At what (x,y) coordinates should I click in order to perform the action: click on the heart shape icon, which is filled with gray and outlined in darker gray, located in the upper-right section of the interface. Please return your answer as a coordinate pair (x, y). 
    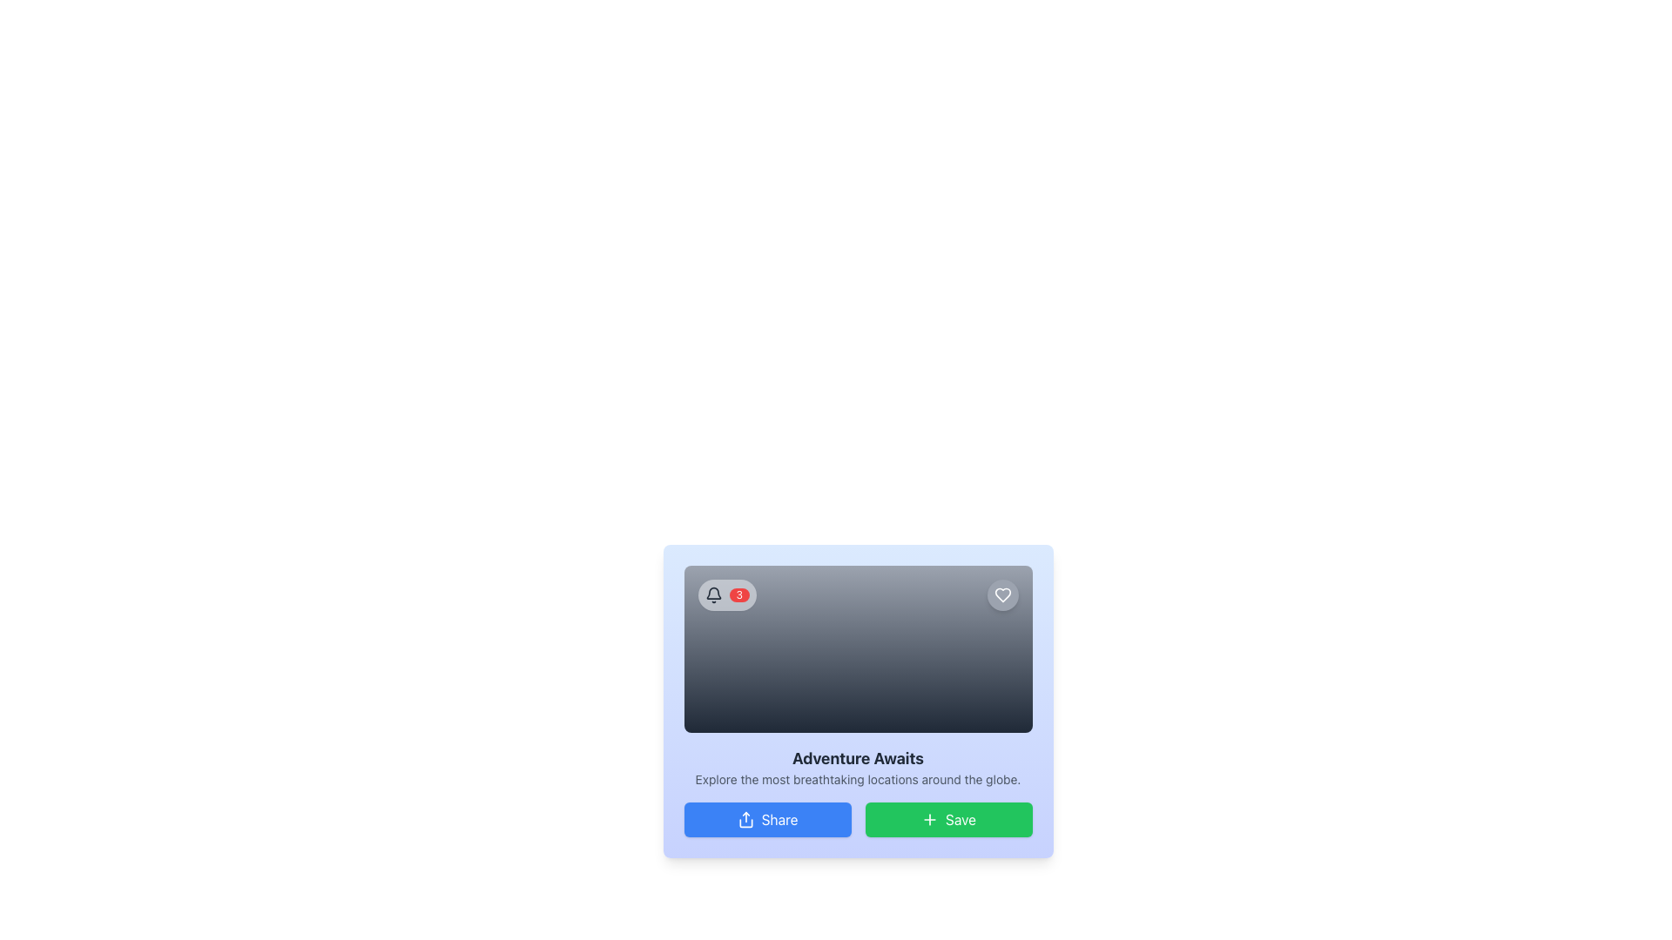
    Looking at the image, I should click on (1002, 594).